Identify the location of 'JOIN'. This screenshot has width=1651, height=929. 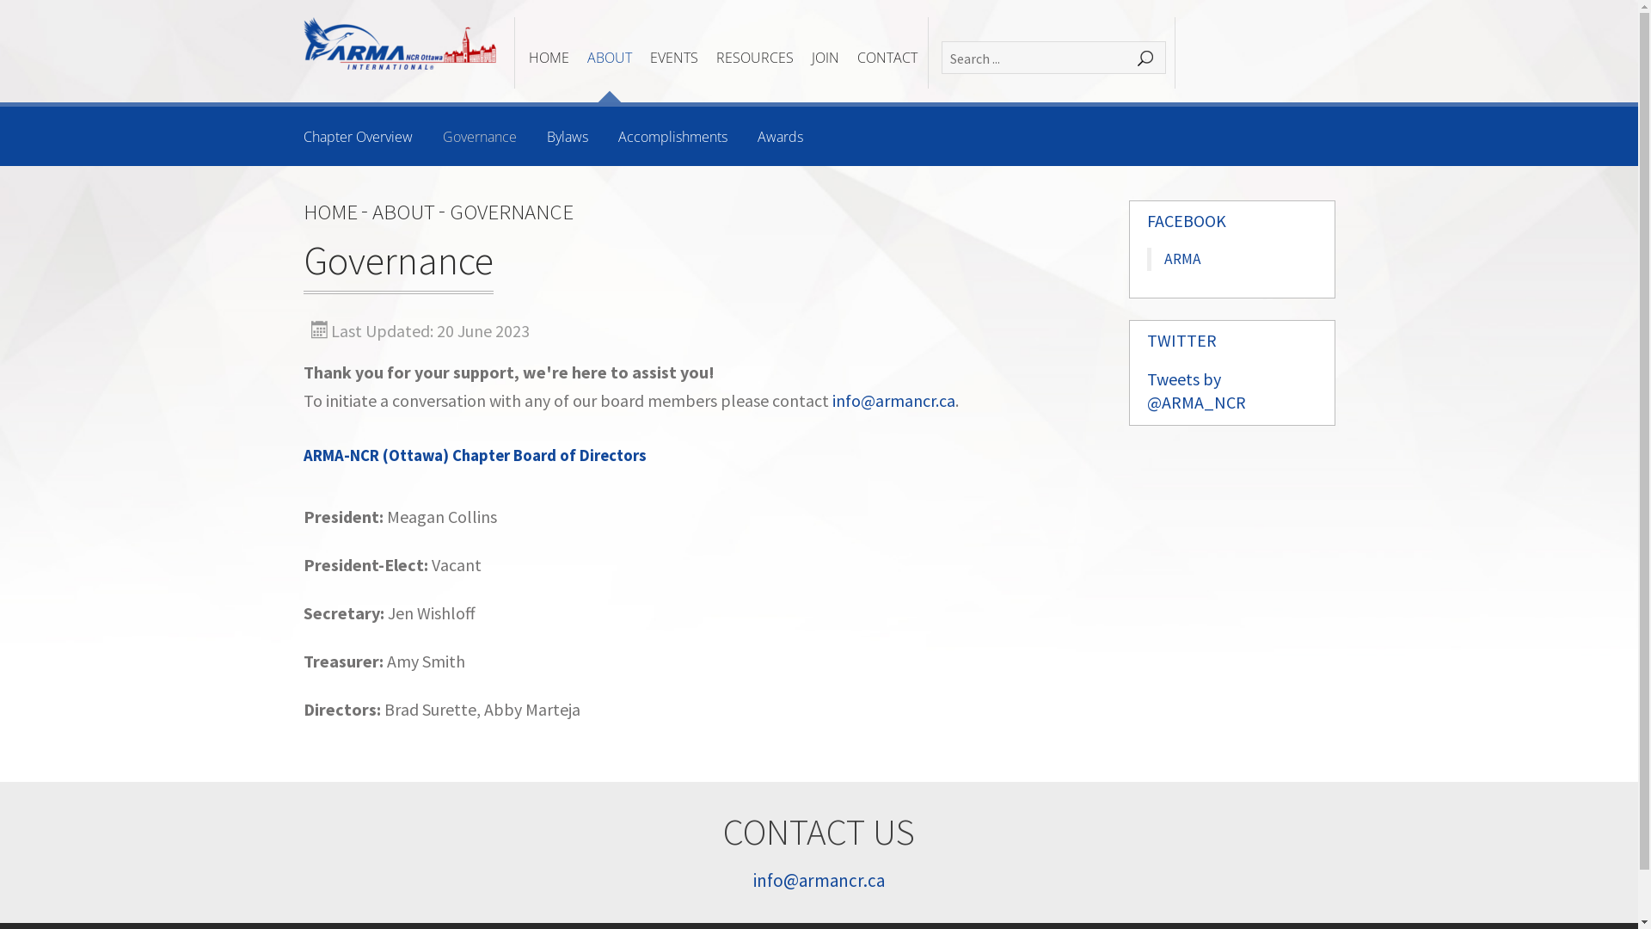
(825, 57).